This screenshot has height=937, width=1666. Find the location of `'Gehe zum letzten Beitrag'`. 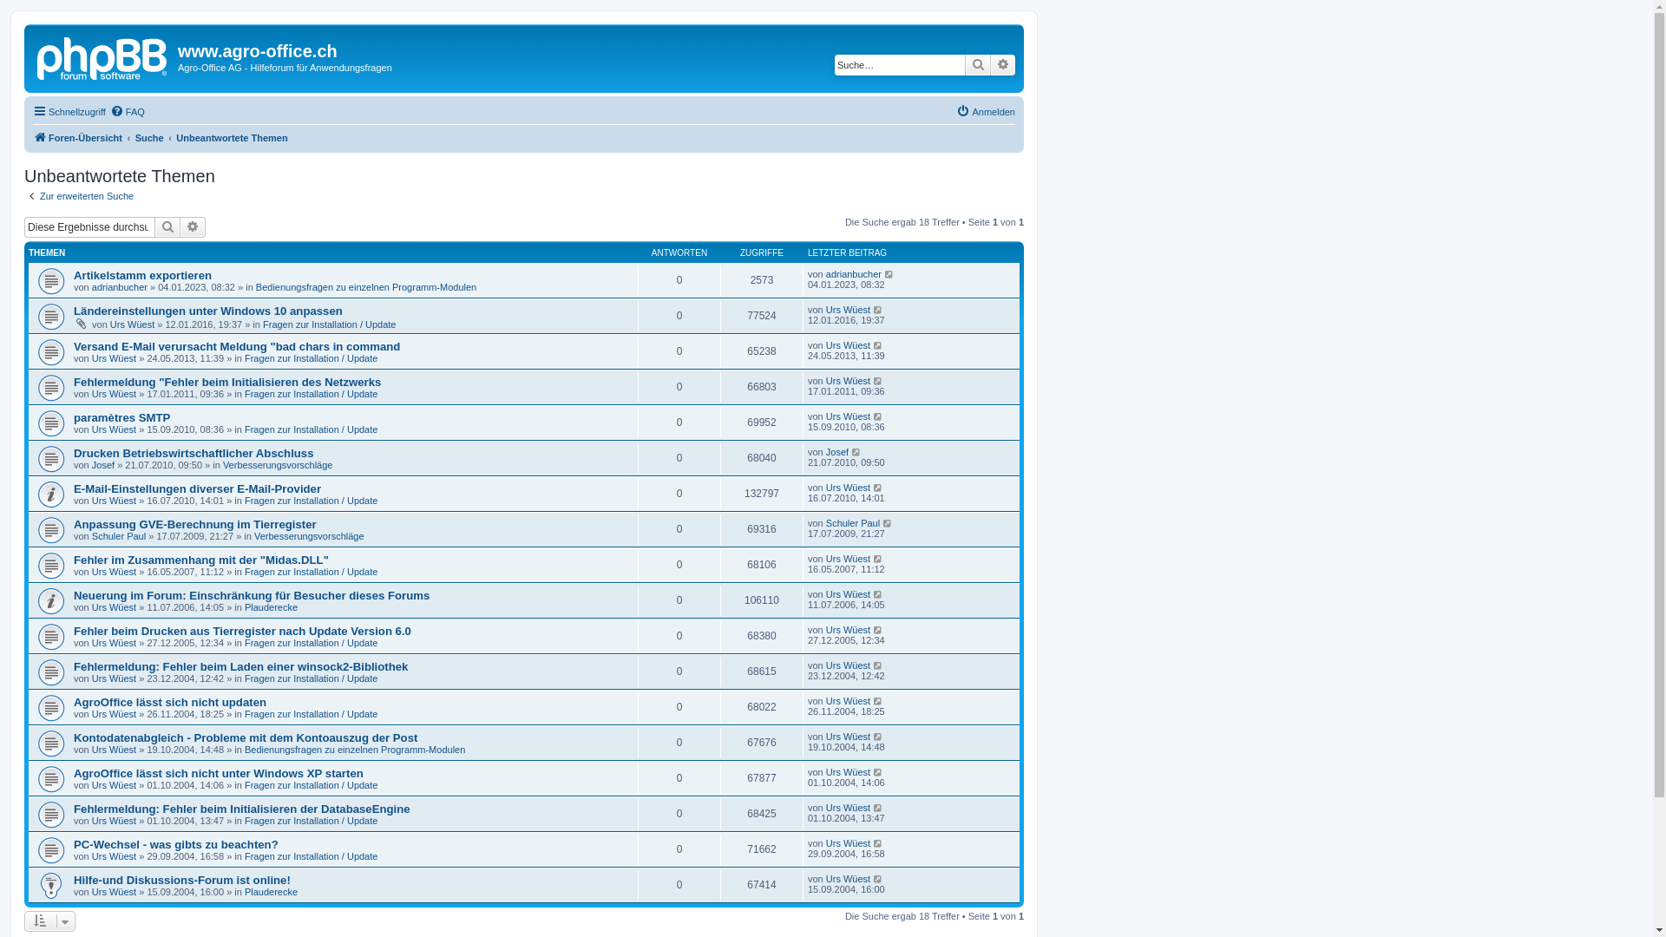

'Gehe zum letzten Beitrag' is located at coordinates (873, 344).